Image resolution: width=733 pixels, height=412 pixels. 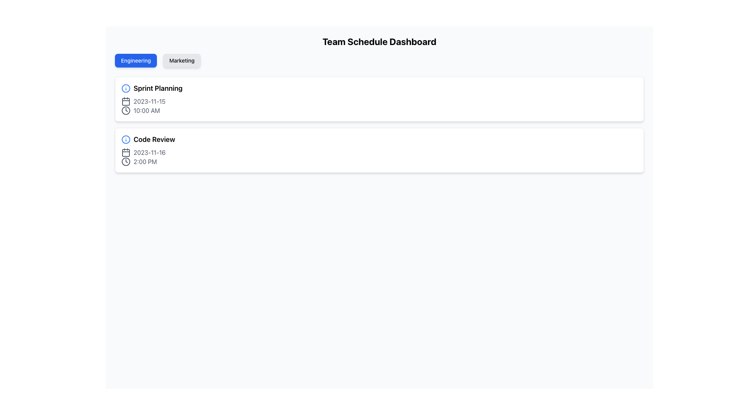 I want to click on the calendar icon component associated with the 'Code Review' event entry, so click(x=126, y=153).